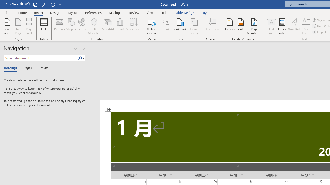 This screenshot has width=330, height=185. I want to click on 'Pages', so click(27, 68).